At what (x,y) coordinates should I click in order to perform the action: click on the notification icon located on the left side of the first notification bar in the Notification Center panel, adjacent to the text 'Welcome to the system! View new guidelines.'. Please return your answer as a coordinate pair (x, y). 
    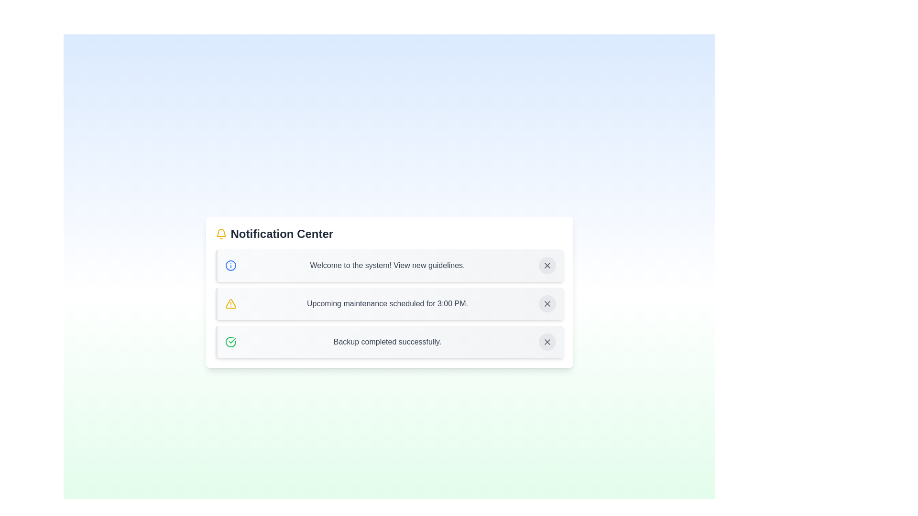
    Looking at the image, I should click on (230, 265).